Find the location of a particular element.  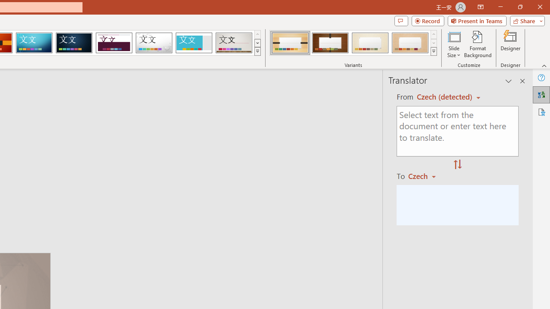

'Damask' is located at coordinates (74, 43).